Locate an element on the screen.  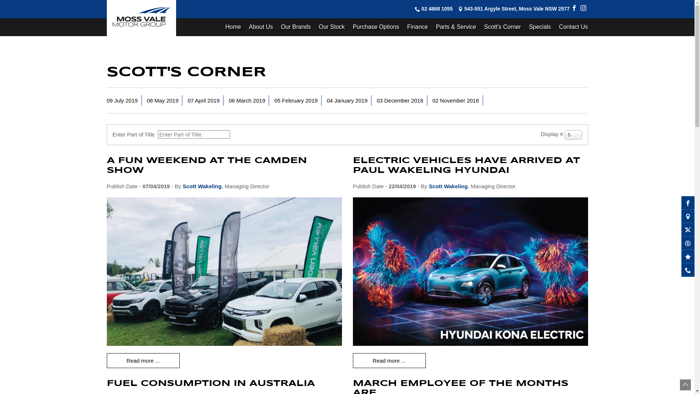
'04 January 2019' is located at coordinates (346, 100).